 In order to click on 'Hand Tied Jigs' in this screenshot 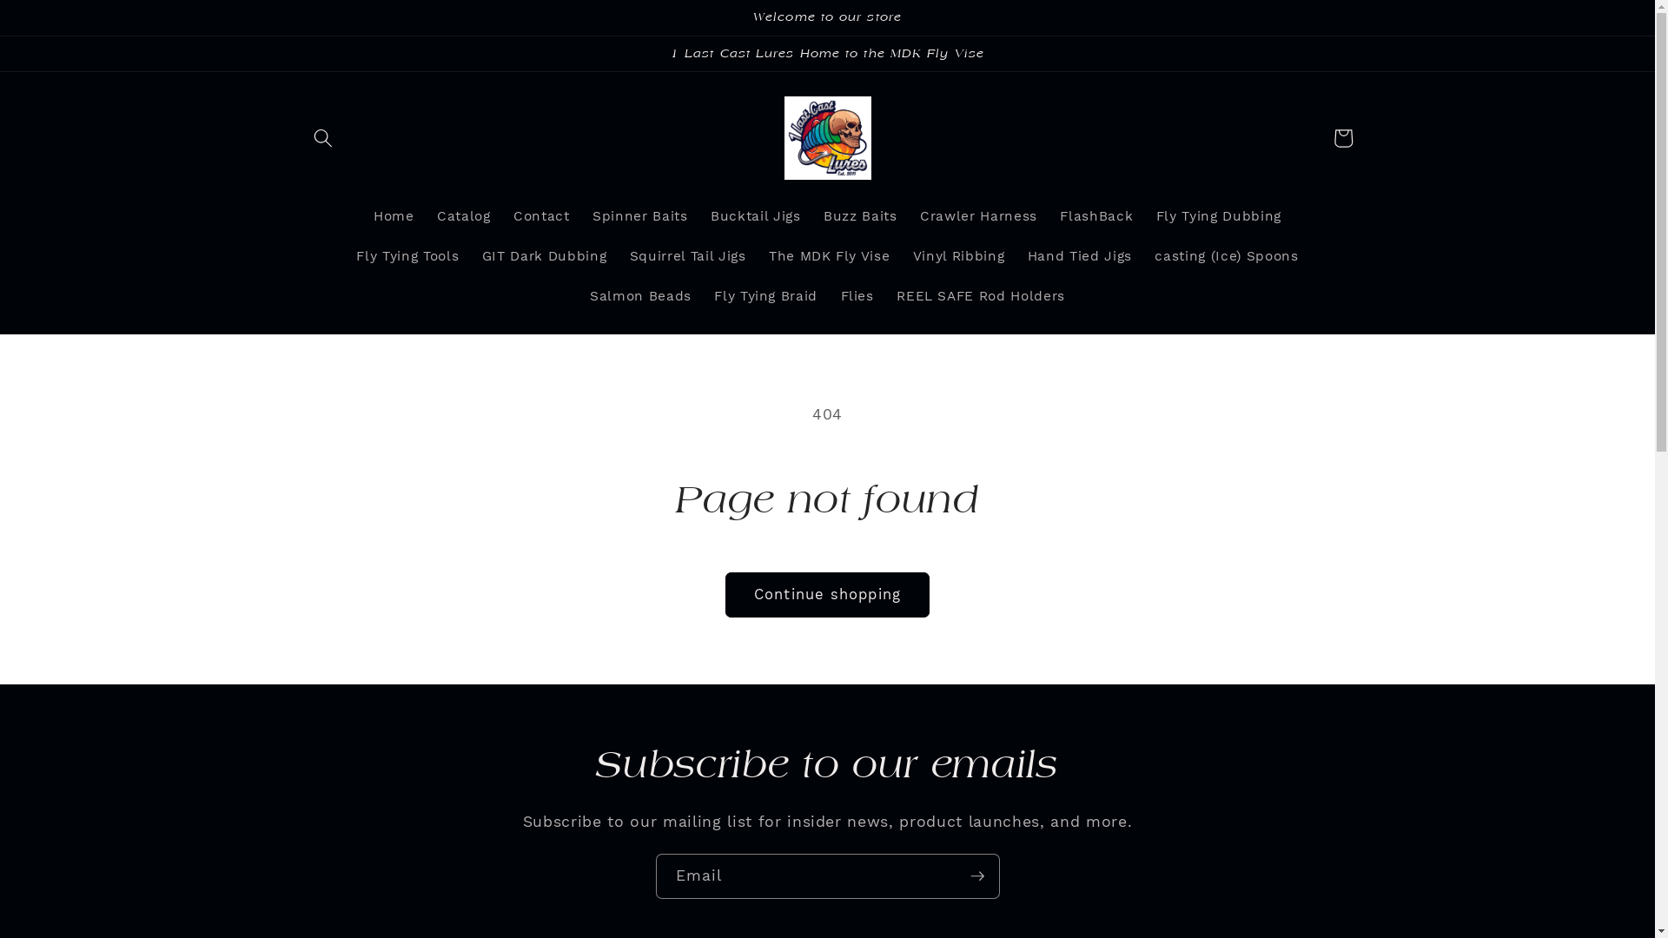, I will do `click(1016, 257)`.